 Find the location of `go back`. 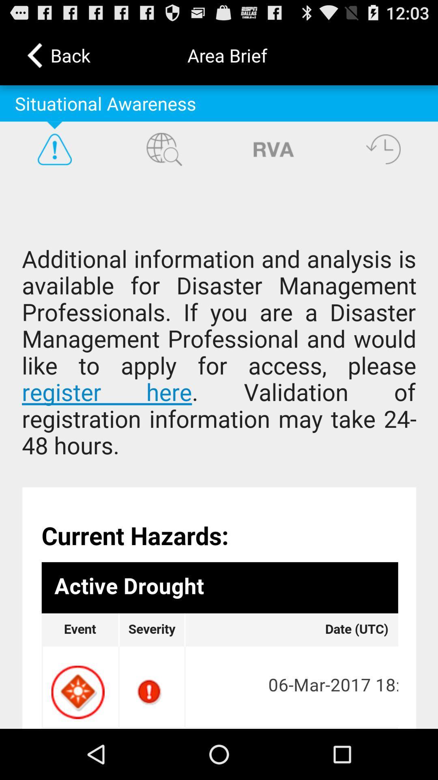

go back is located at coordinates (383, 149).